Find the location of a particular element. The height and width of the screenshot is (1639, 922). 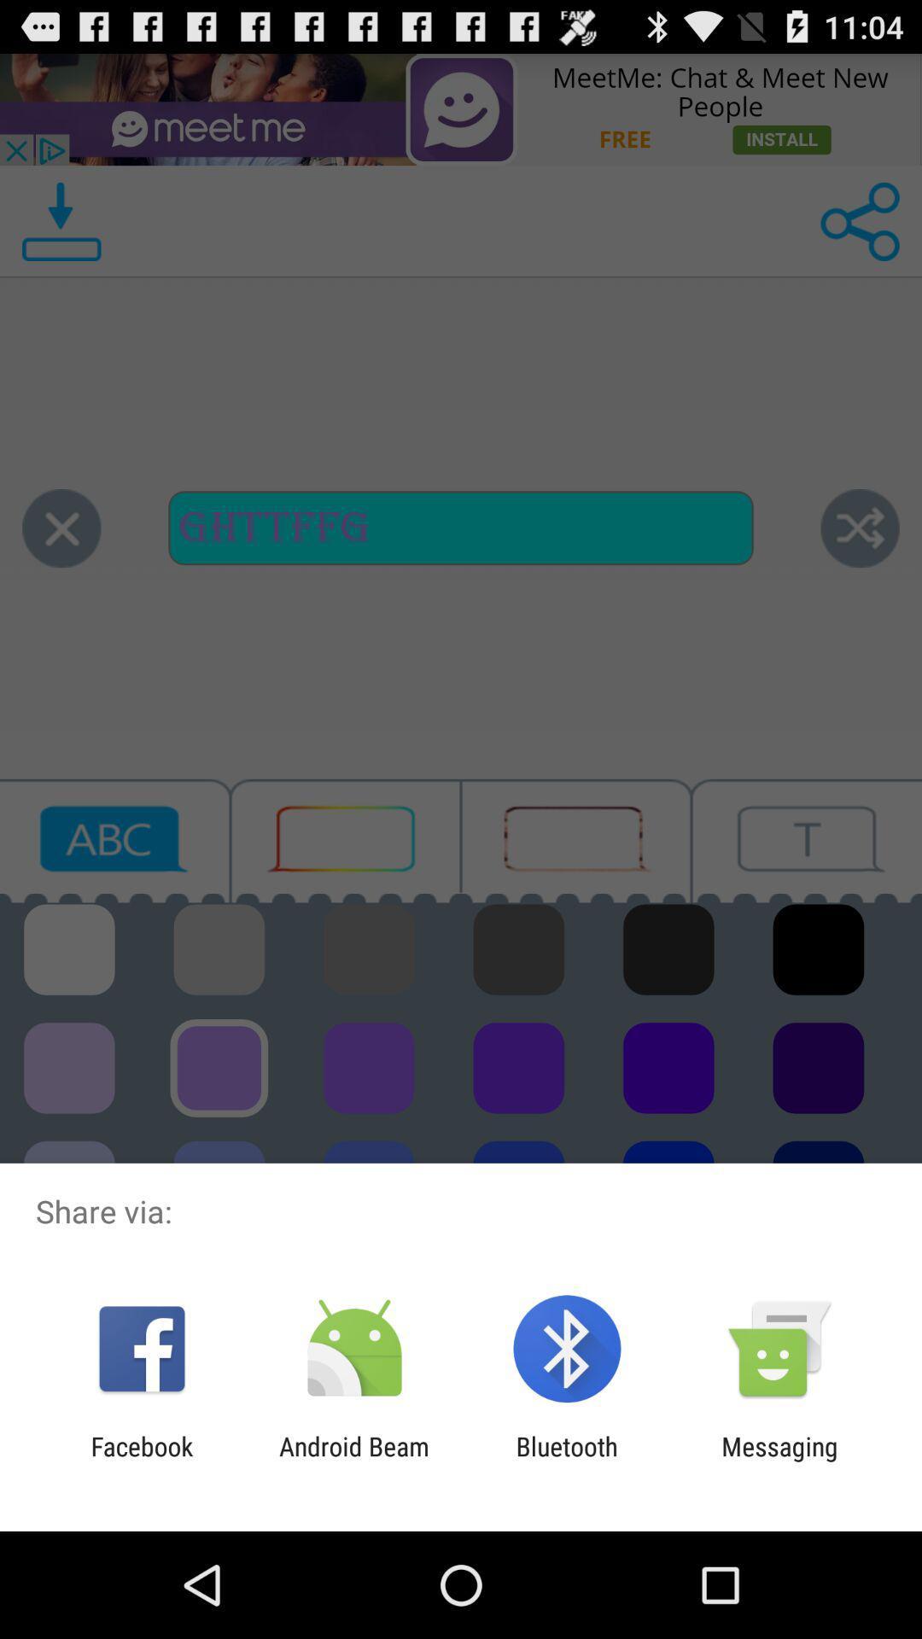

the android beam icon is located at coordinates (353, 1461).